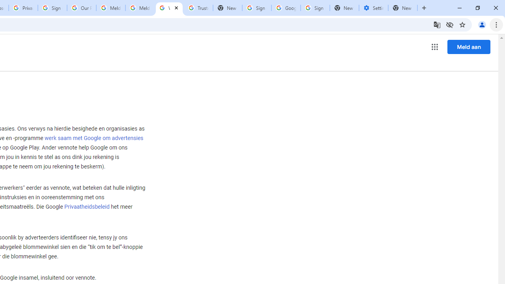  Describe the element at coordinates (403, 8) in the screenshot. I see `'New Tab'` at that location.